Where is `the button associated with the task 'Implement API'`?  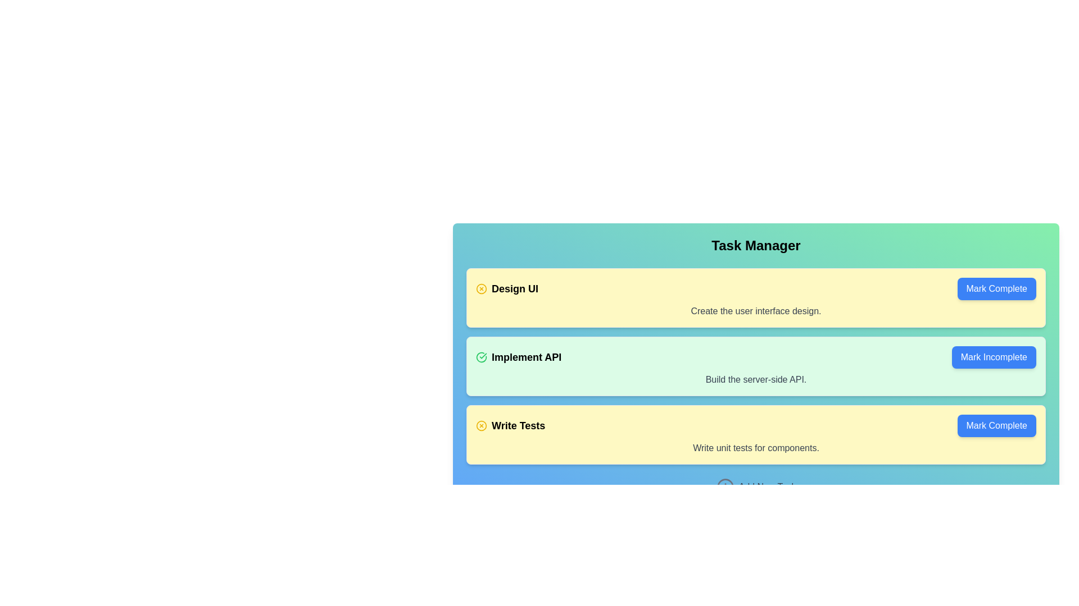
the button associated with the task 'Implement API' is located at coordinates (993, 357).